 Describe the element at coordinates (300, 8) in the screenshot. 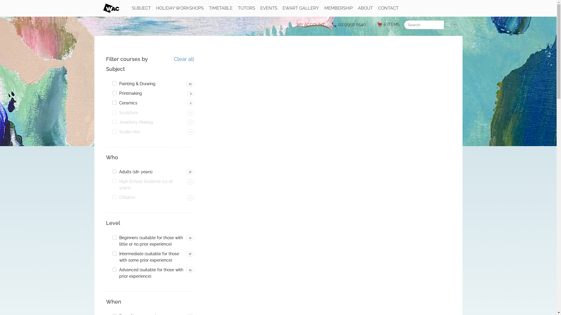

I see `'EWART GALLERY'` at that location.